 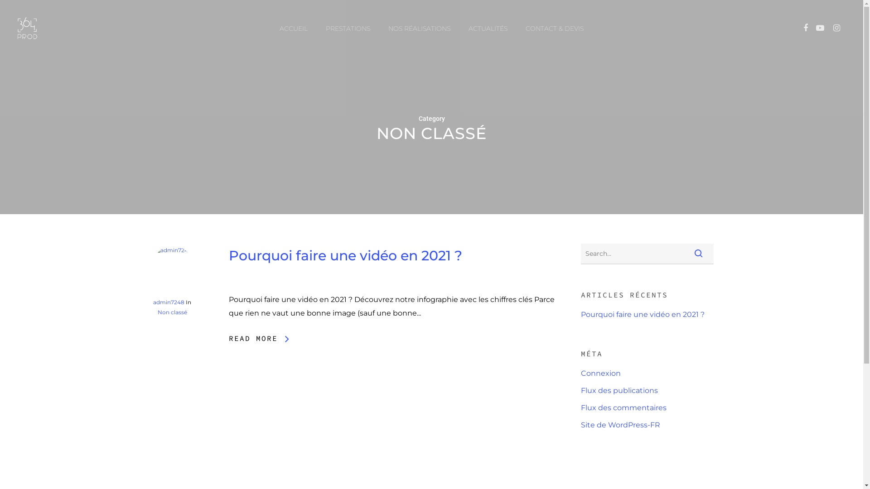 What do you see at coordinates (169, 302) in the screenshot?
I see `'admin7248'` at bounding box center [169, 302].